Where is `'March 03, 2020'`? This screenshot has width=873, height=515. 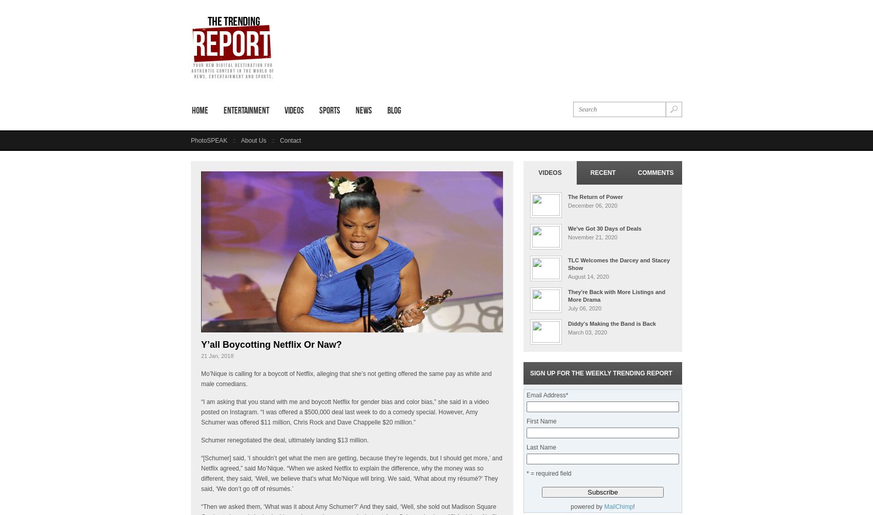 'March 03, 2020' is located at coordinates (568, 332).